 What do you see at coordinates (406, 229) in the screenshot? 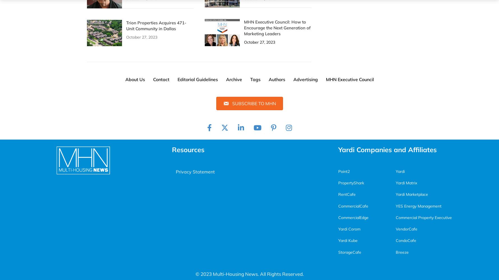
I see `'VendorCafe'` at bounding box center [406, 229].